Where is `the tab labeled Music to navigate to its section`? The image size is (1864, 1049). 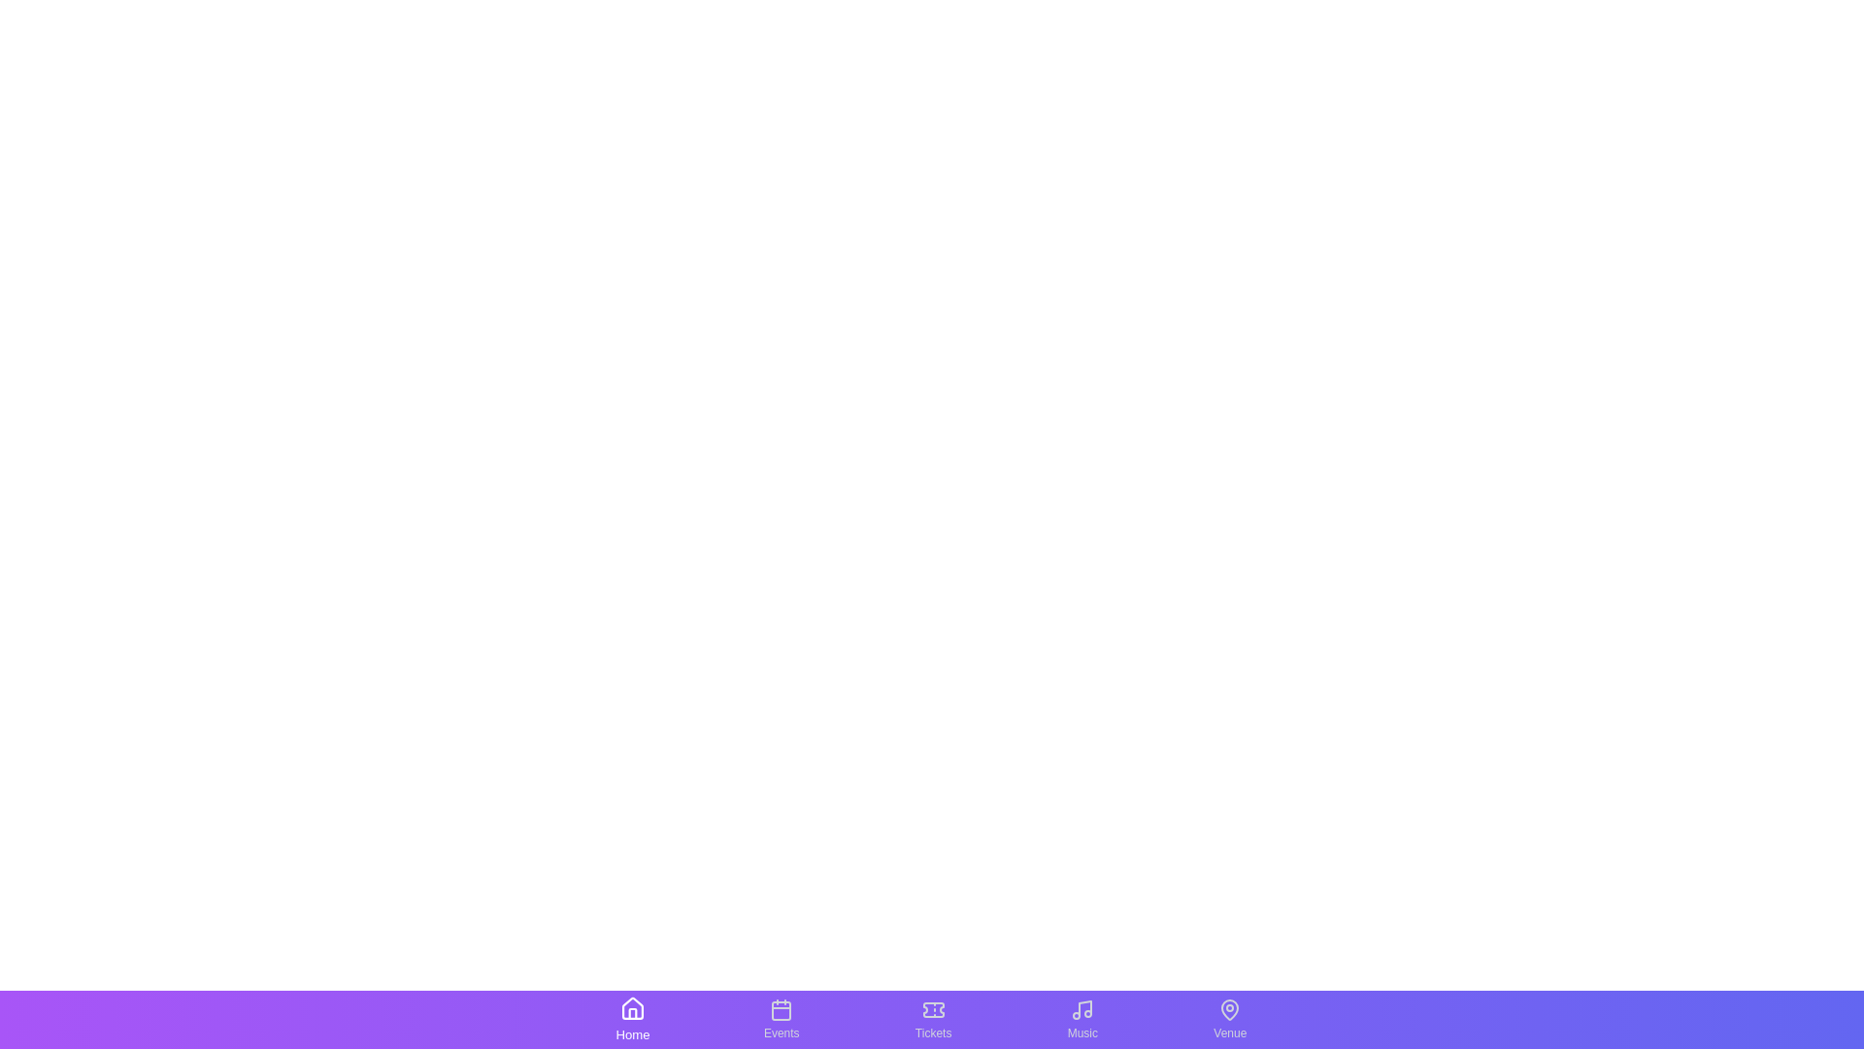
the tab labeled Music to navigate to its section is located at coordinates (1082, 1018).